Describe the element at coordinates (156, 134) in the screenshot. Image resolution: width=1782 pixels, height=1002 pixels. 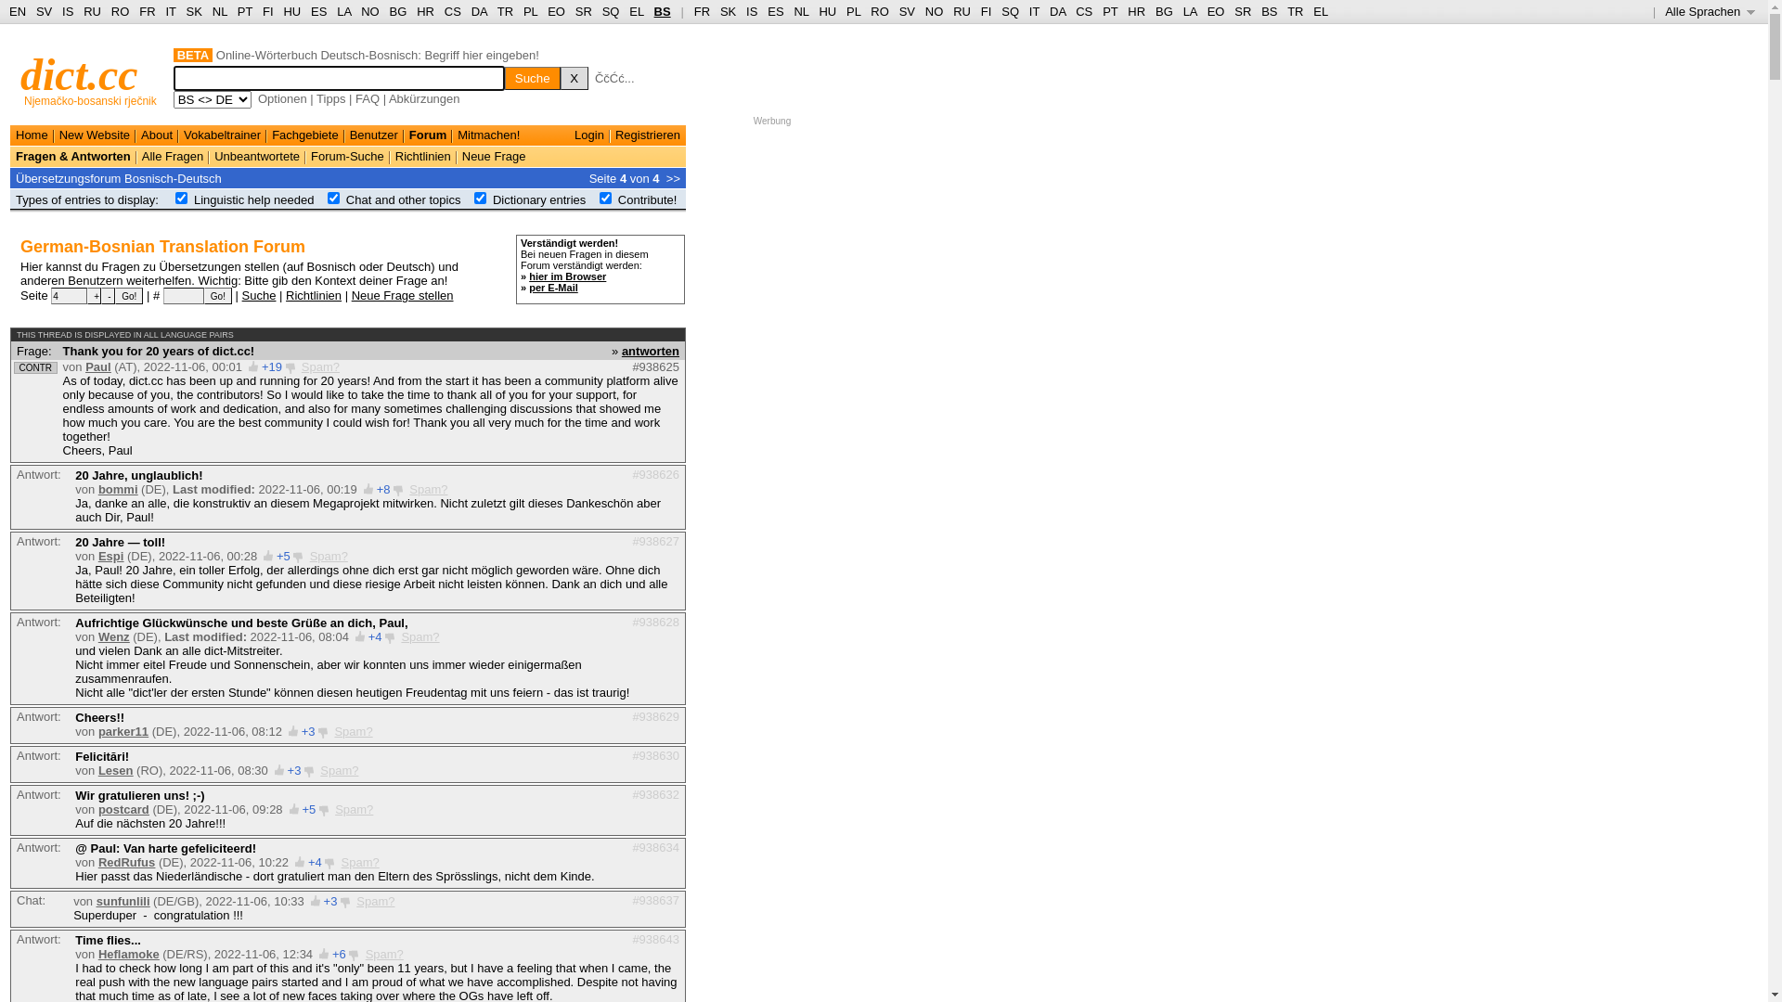
I see `'About'` at that location.